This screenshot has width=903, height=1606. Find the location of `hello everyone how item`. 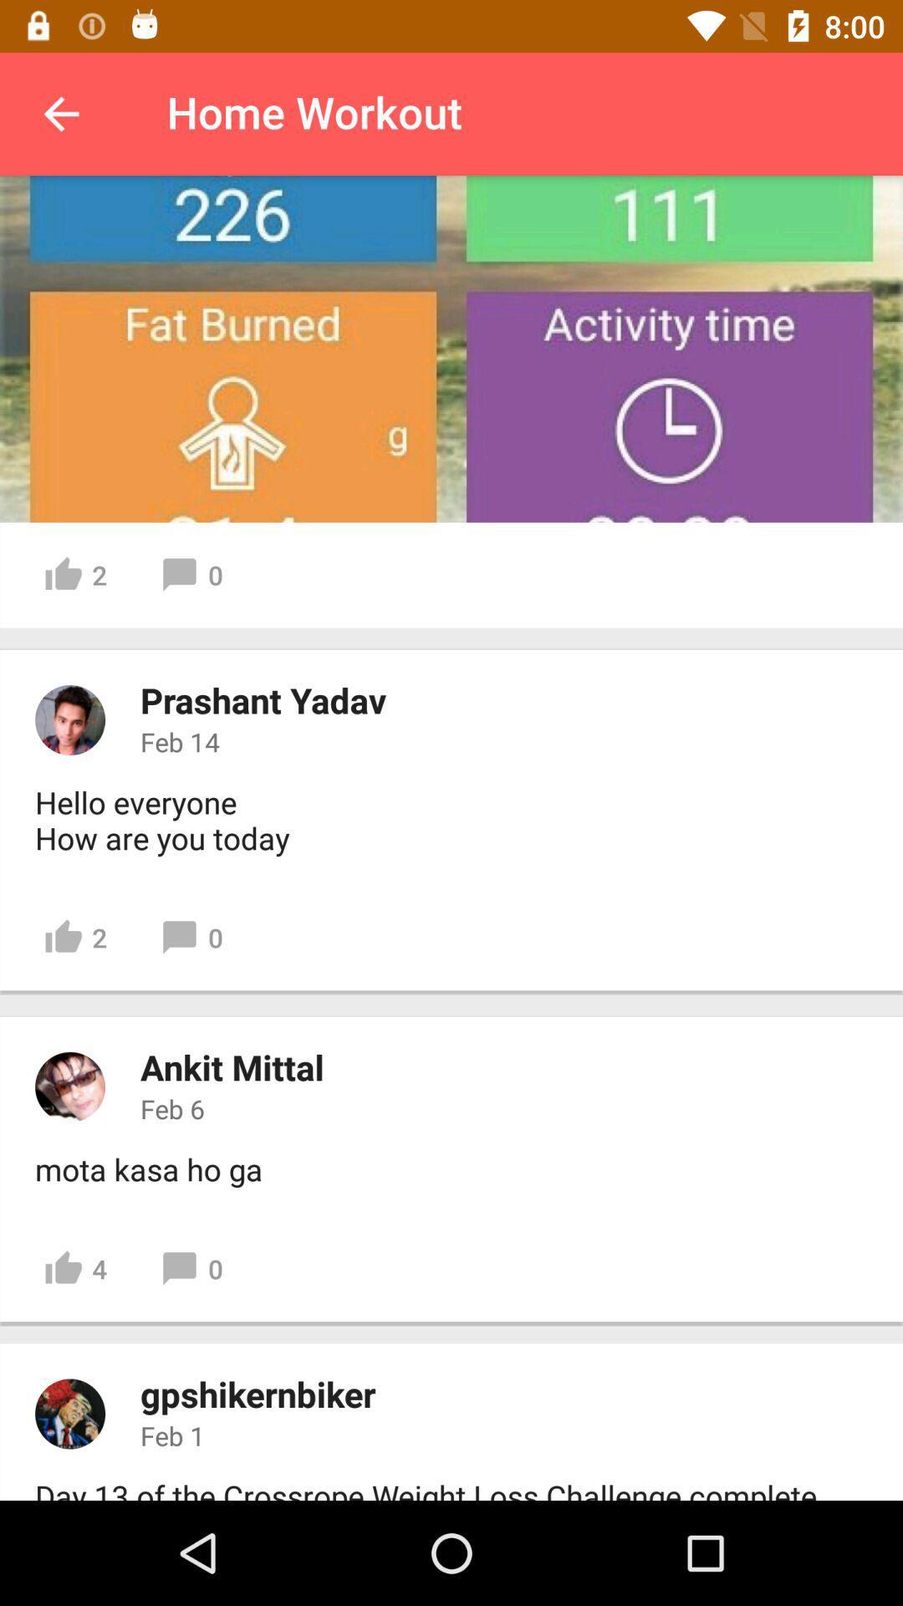

hello everyone how item is located at coordinates (162, 820).